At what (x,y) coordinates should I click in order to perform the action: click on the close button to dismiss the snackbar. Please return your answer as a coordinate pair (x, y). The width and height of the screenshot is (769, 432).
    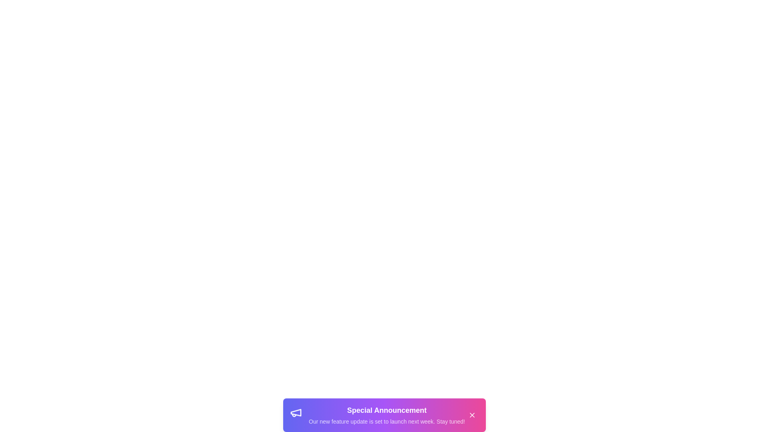
    Looking at the image, I should click on (472, 414).